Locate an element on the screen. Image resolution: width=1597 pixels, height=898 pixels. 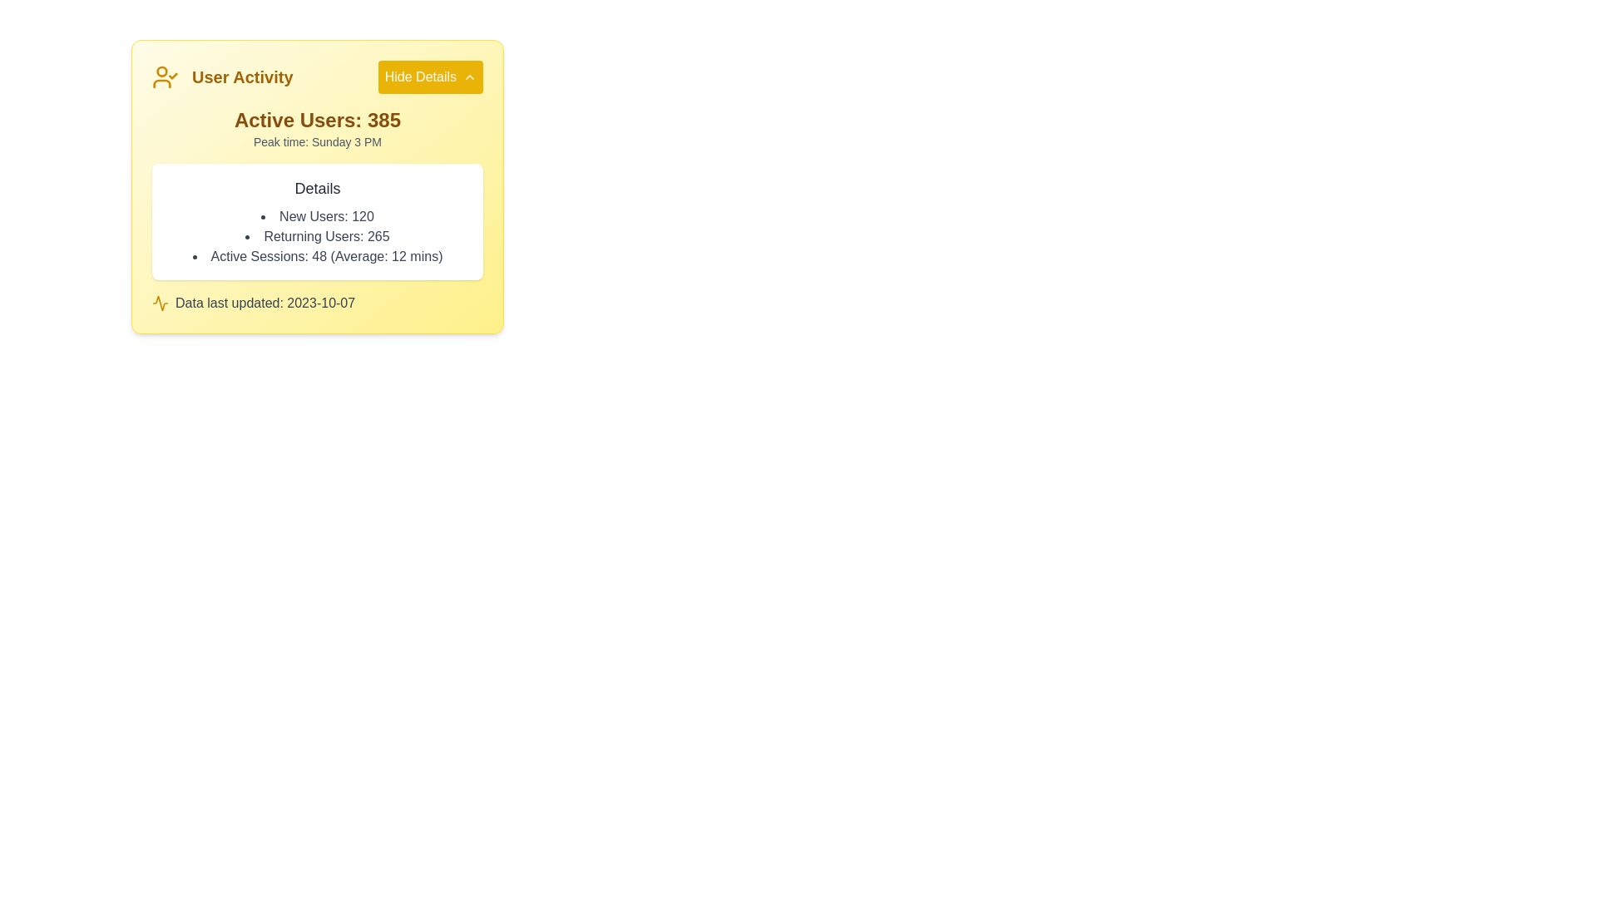
the informational card component located in the top-left segment of the dashboard is located at coordinates (318, 186).